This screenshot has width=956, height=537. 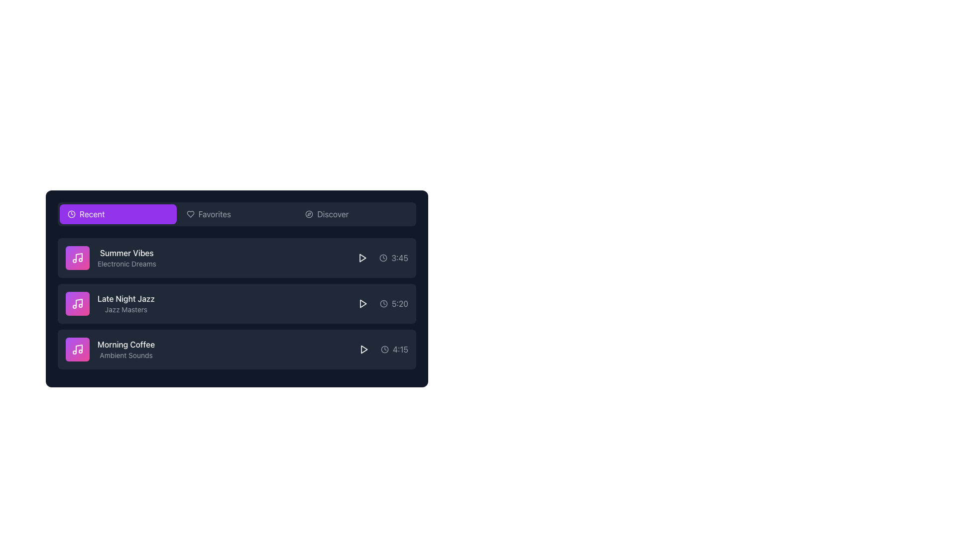 What do you see at coordinates (78, 302) in the screenshot?
I see `vertical line part of the music note icon located to the left of the 'Late Night Jazz' text for debugging purposes` at bounding box center [78, 302].